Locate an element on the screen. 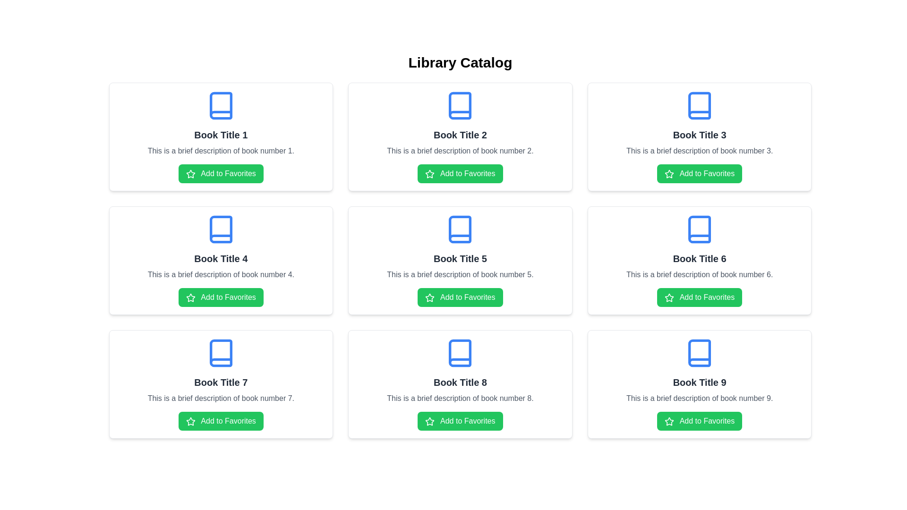 This screenshot has height=510, width=907. the star-shaped icon that represents favorites, located to the left of the 'Add to Favorites' text within a green button on the fourth card for 'Book Title 4' is located at coordinates (190, 297).